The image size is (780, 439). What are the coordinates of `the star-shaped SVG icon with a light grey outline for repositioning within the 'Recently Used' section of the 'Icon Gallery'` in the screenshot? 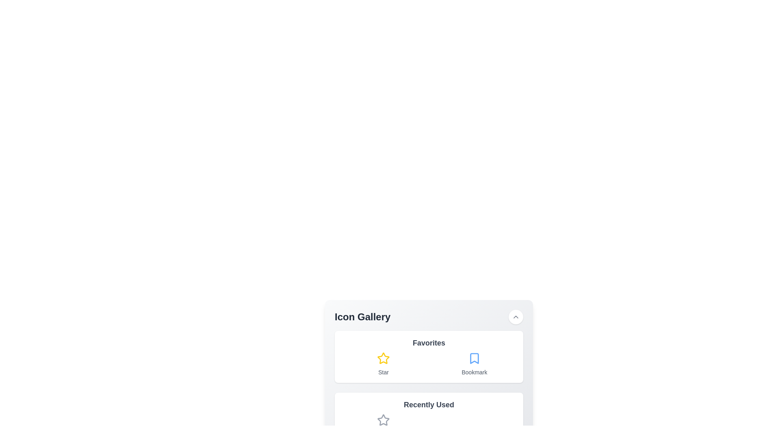 It's located at (383, 420).